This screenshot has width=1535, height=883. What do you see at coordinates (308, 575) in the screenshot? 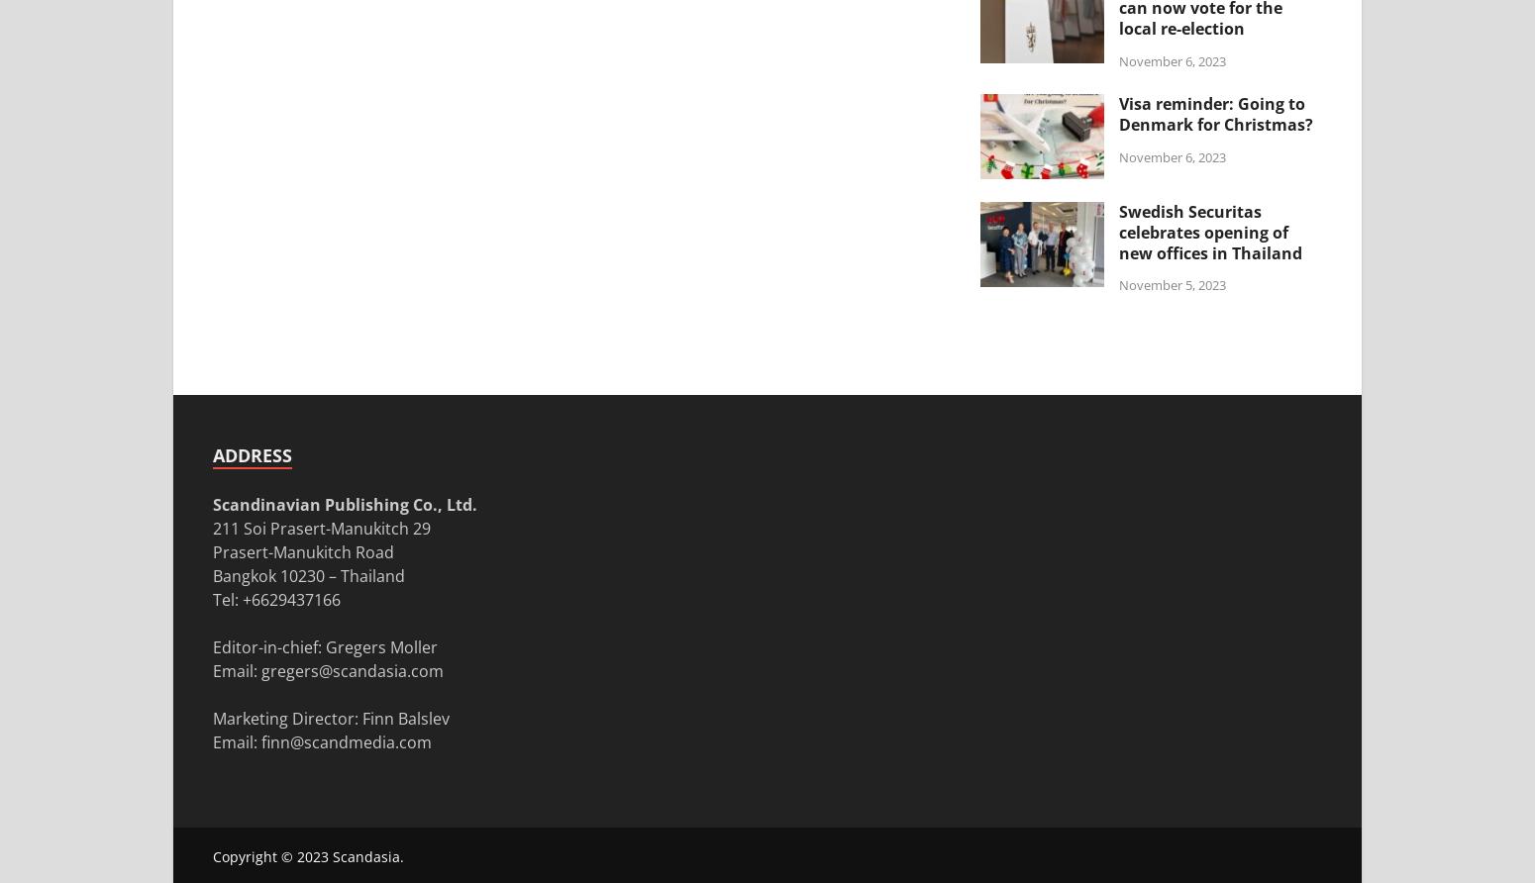
I see `'Bangkok 10230 – Thailand'` at bounding box center [308, 575].